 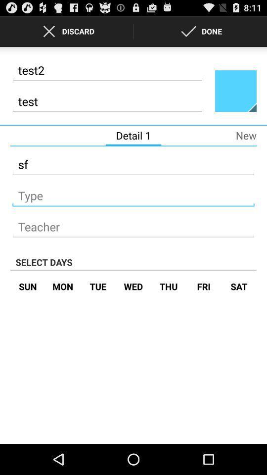 What do you see at coordinates (133, 224) in the screenshot?
I see `teacher` at bounding box center [133, 224].